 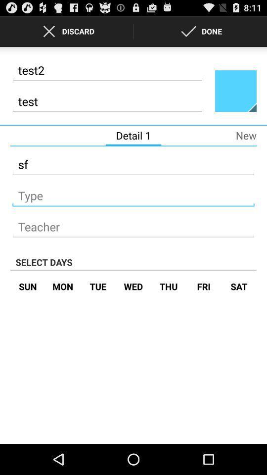 What do you see at coordinates (133, 224) in the screenshot?
I see `teacher` at bounding box center [133, 224].